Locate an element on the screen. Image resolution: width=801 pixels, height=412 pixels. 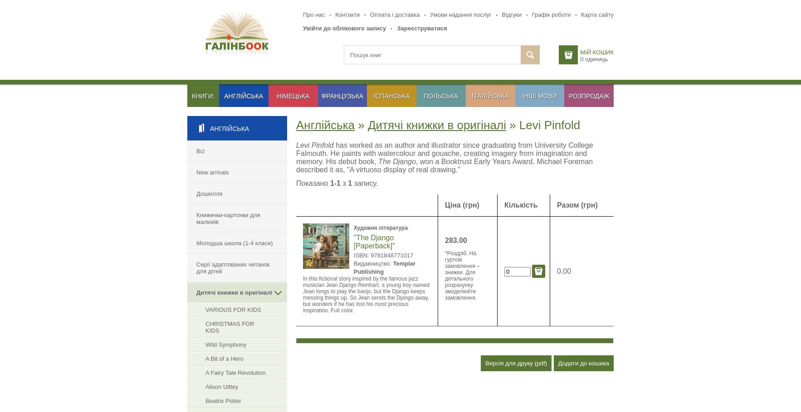
'A Fairy Tale Revolution' is located at coordinates (235, 373).